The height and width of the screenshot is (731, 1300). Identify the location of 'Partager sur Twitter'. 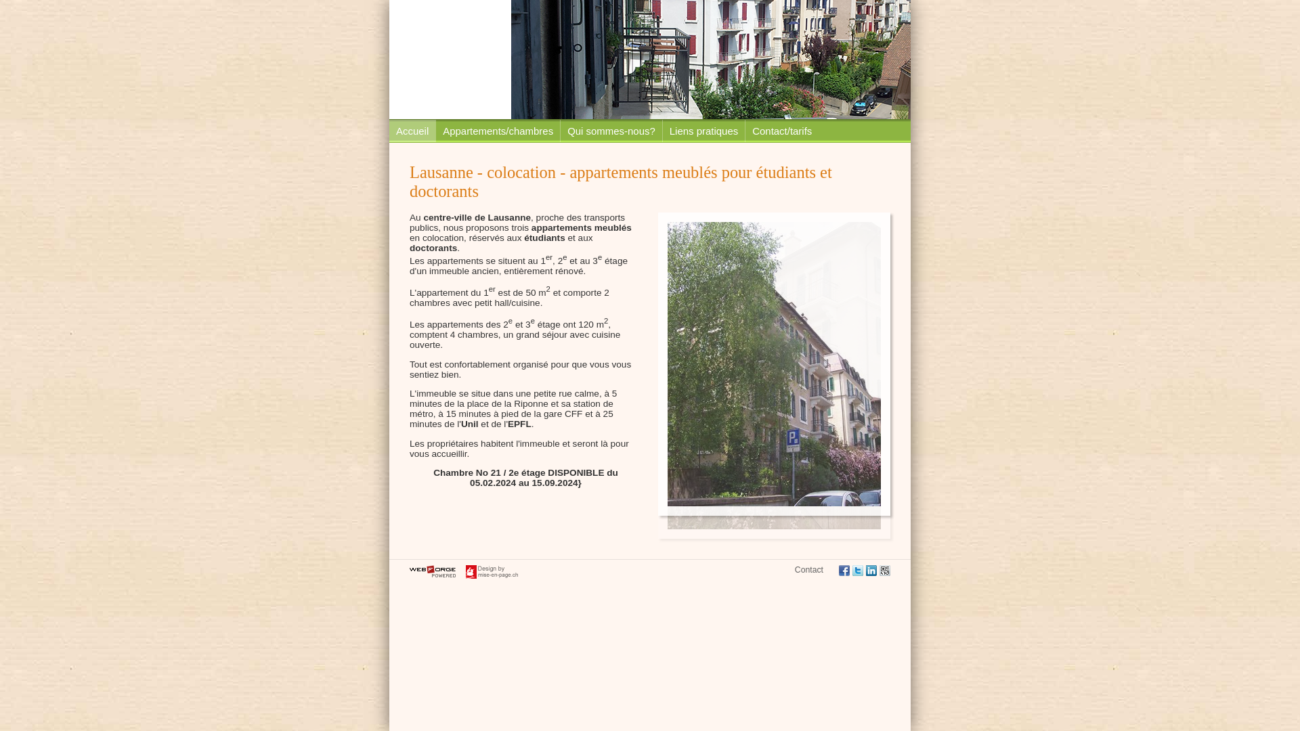
(857, 571).